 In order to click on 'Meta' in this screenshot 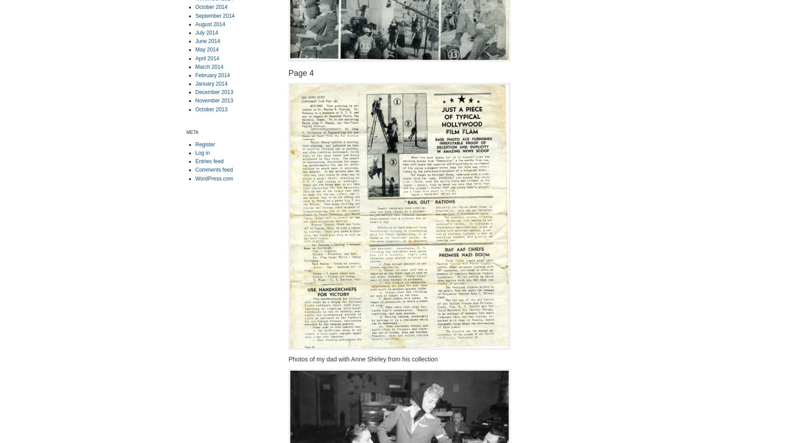, I will do `click(186, 131)`.